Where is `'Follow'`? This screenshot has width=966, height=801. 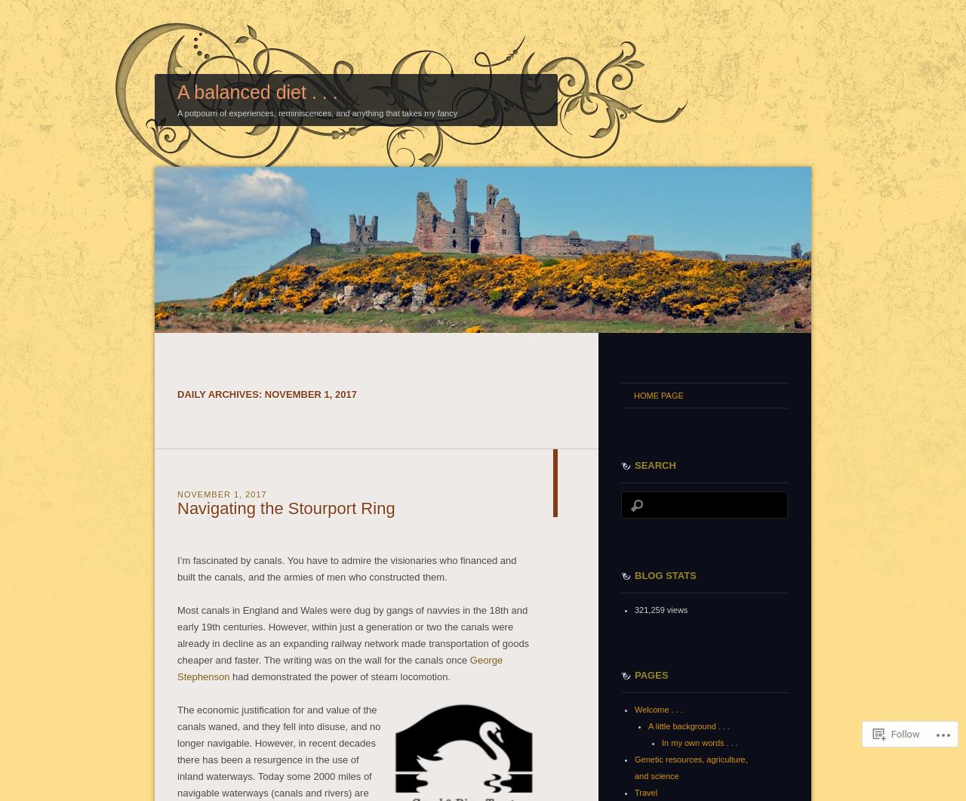 'Follow' is located at coordinates (904, 733).